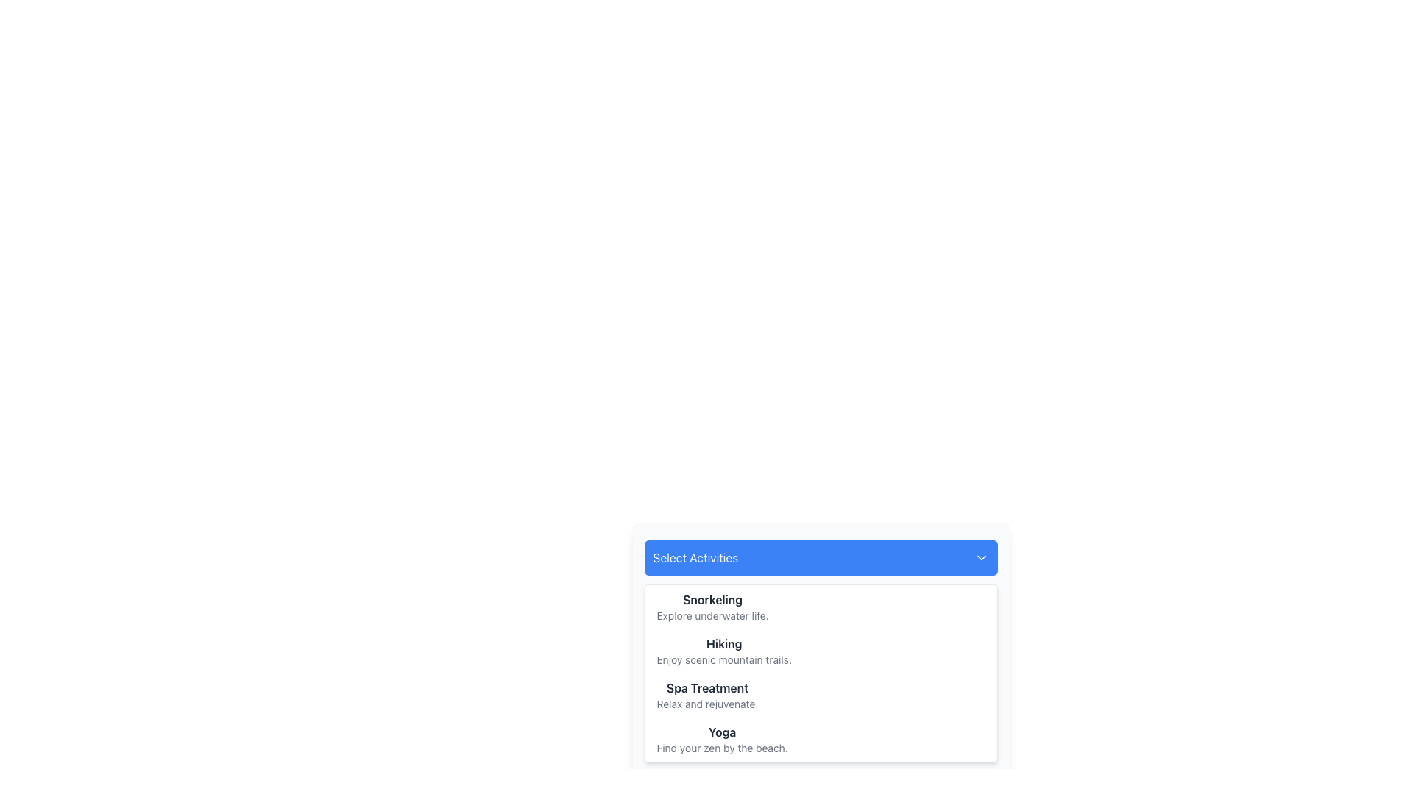  Describe the element at coordinates (724, 643) in the screenshot. I see `the label indicating the activity option within the dropdown menu titled 'Select Activities', specifically the second item which is positioned above the descriptive text 'Enjoy scenic mountain trails.'` at that location.